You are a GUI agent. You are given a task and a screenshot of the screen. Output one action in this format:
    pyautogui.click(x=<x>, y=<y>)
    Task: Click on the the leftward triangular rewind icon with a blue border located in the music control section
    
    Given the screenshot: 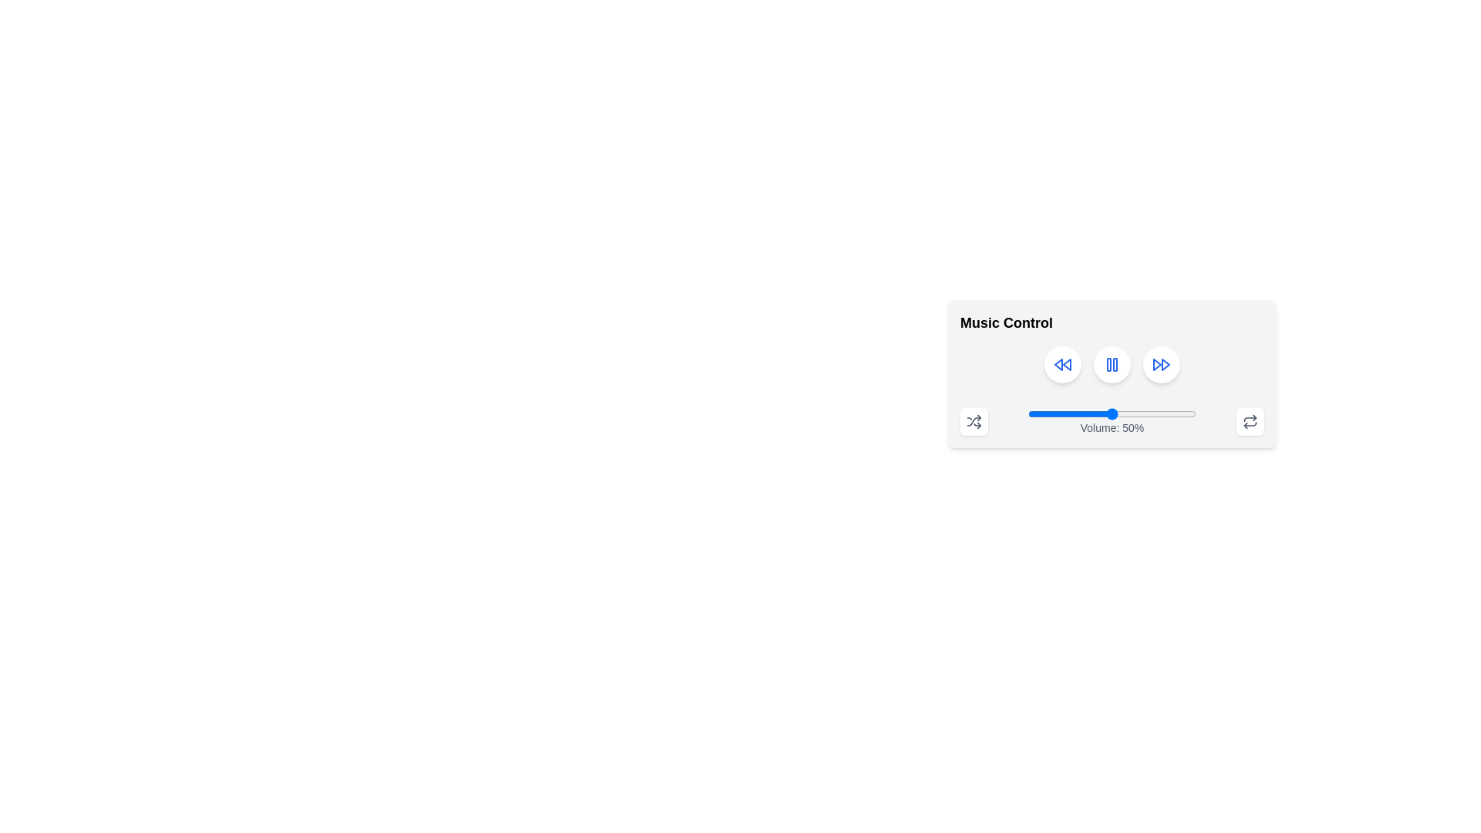 What is the action you would take?
    pyautogui.click(x=1058, y=365)
    